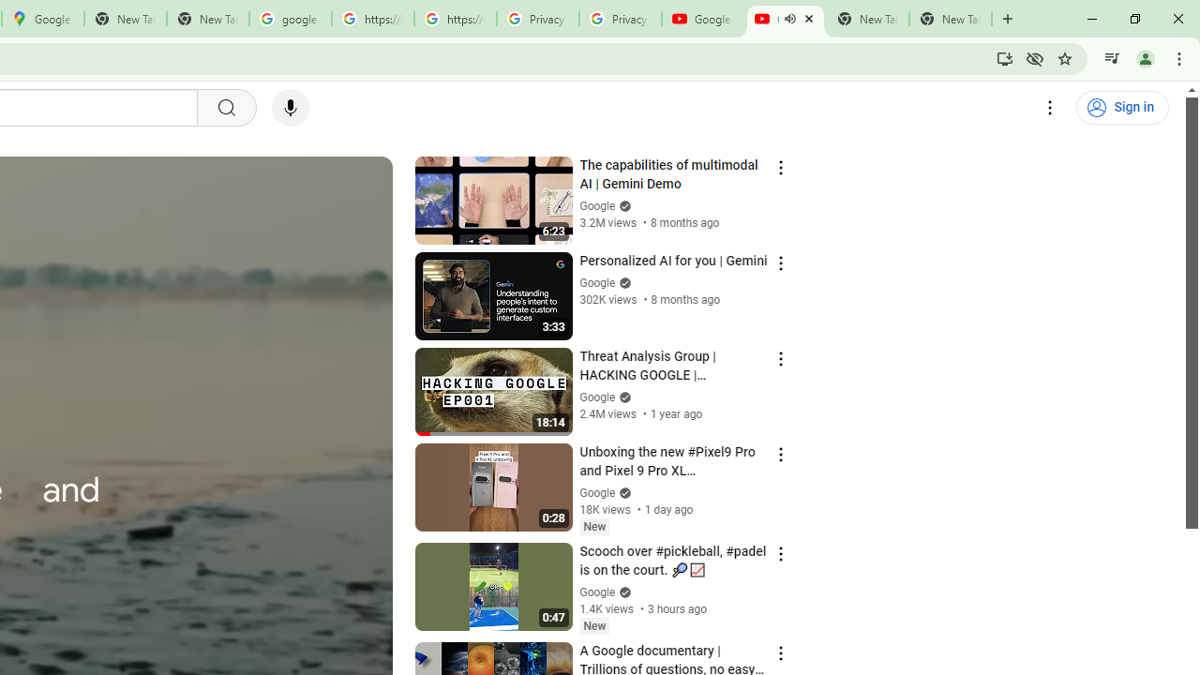  What do you see at coordinates (1050, 108) in the screenshot?
I see `'Settings'` at bounding box center [1050, 108].